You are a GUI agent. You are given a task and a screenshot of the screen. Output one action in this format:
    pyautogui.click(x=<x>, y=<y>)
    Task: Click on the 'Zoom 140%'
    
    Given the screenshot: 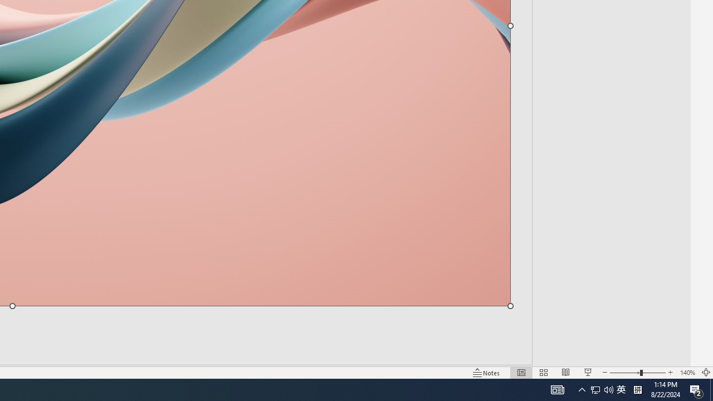 What is the action you would take?
    pyautogui.click(x=687, y=373)
    